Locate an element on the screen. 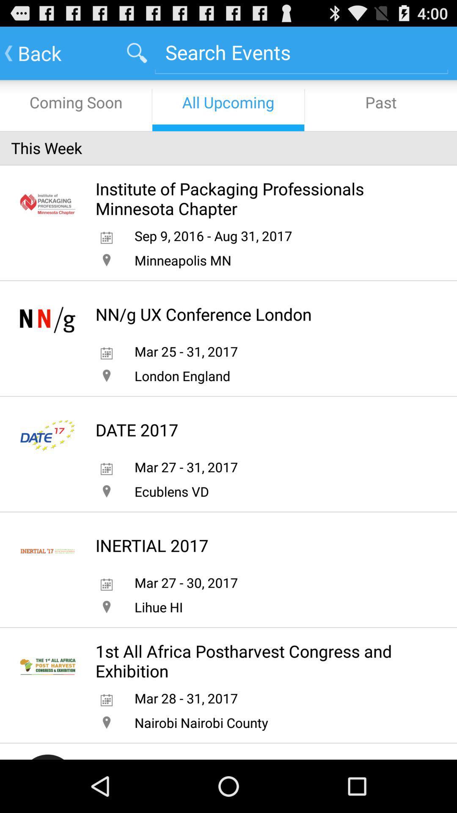 This screenshot has width=457, height=813. app above the minneapolis mn icon is located at coordinates (213, 235).